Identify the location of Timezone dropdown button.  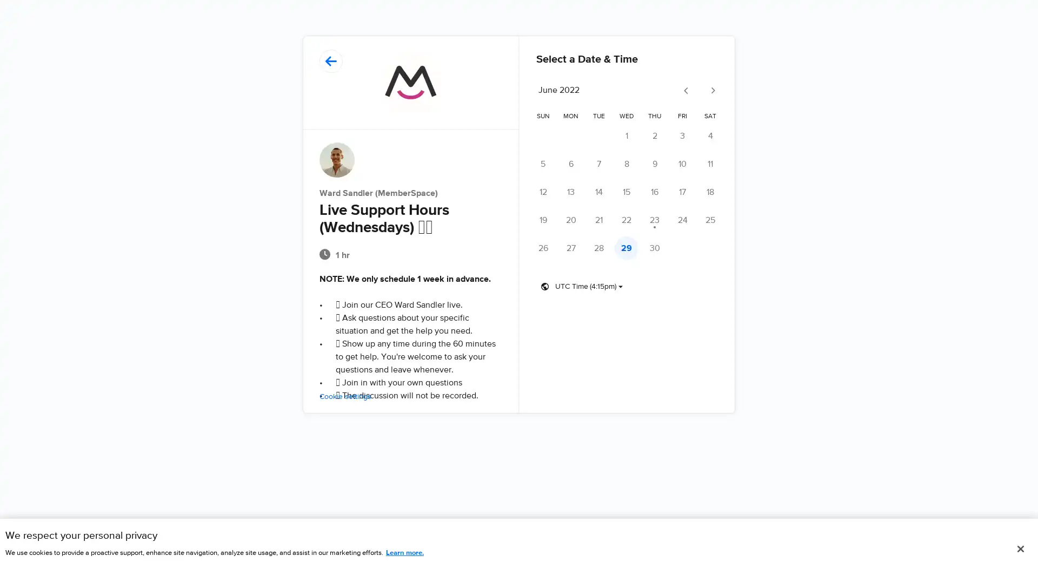
(581, 286).